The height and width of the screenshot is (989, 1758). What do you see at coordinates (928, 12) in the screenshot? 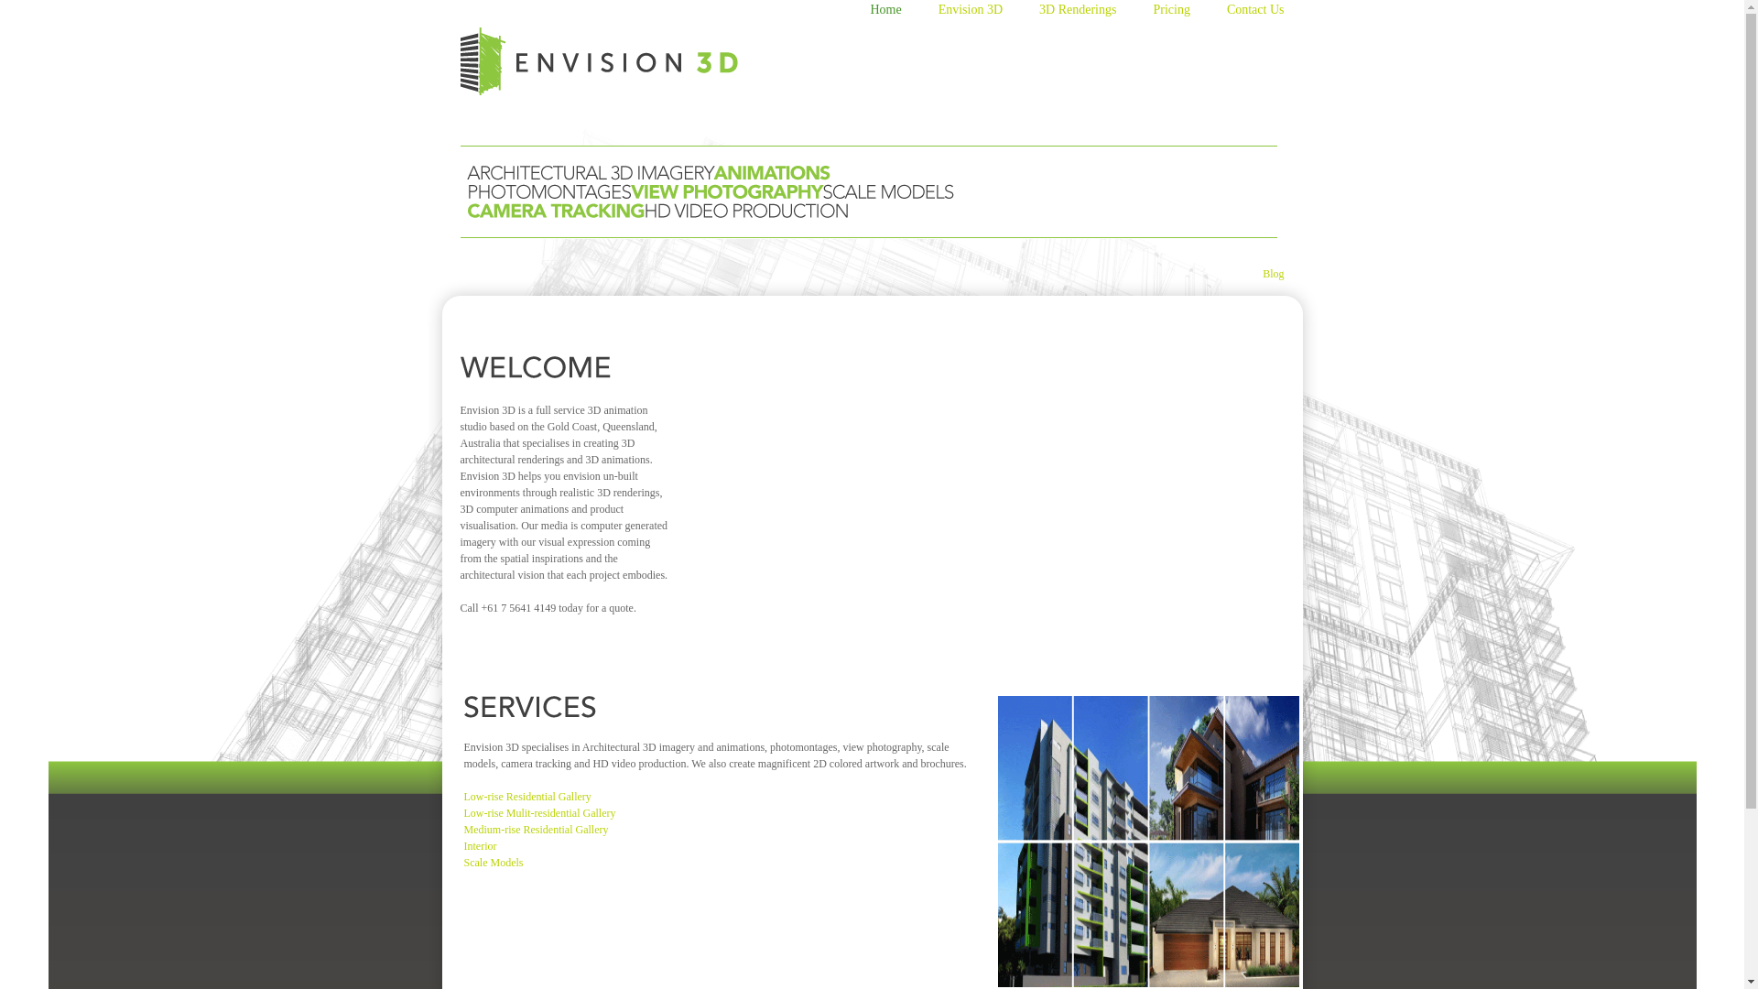
I see `'Envision 3D'` at bounding box center [928, 12].